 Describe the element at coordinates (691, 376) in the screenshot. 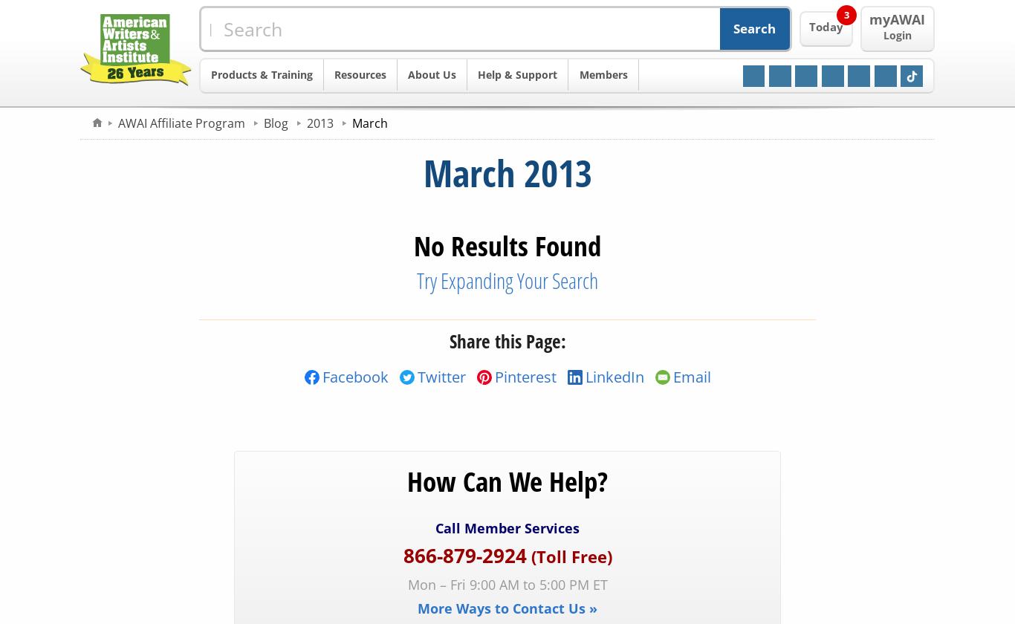

I see `'Email'` at that location.